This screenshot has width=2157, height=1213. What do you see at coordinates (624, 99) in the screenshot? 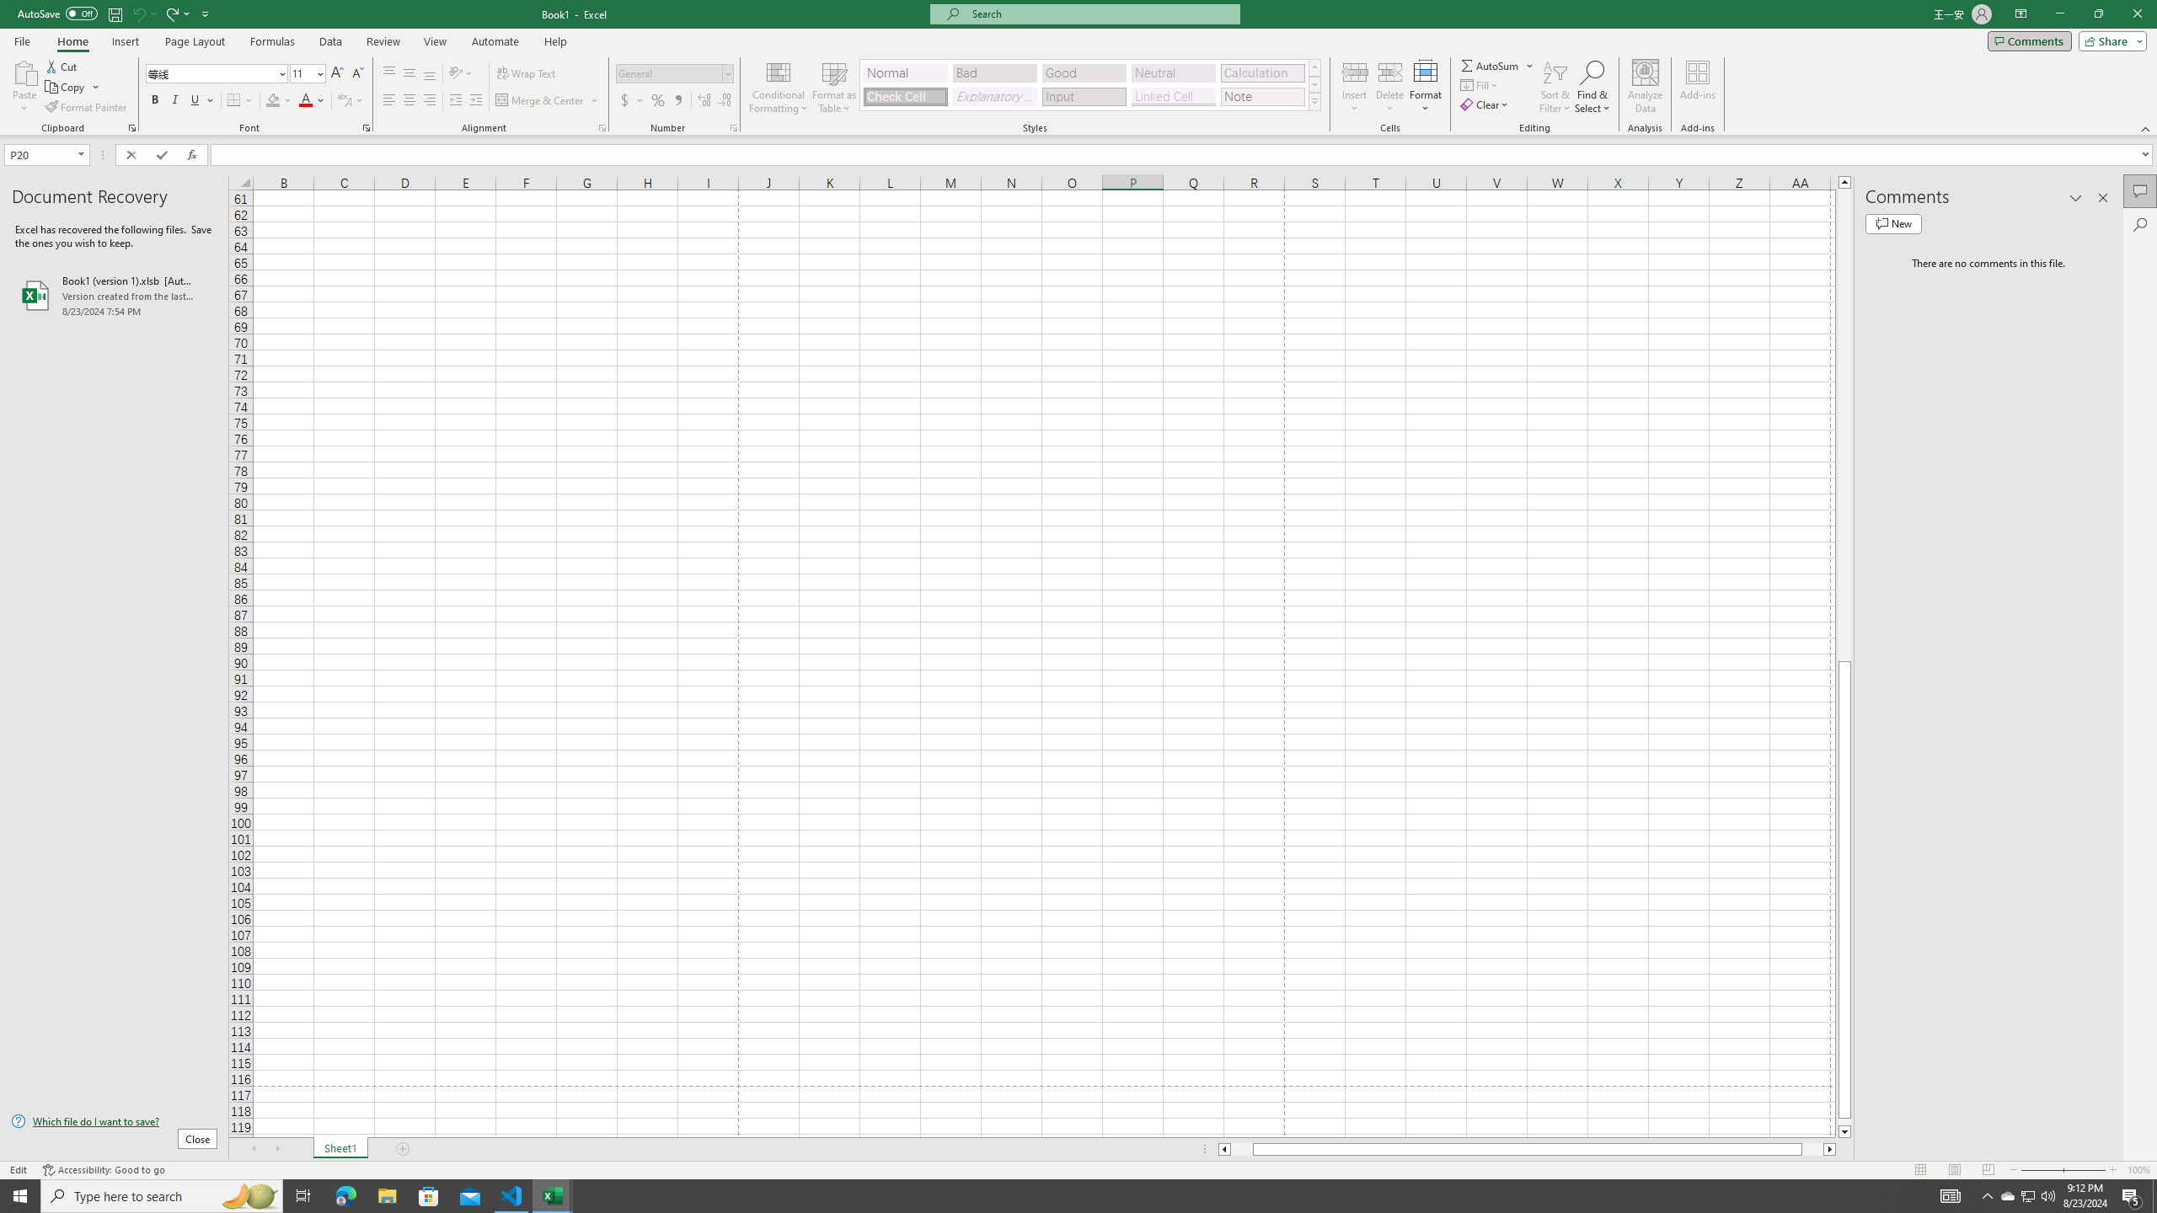
I see `'Accounting Number Format'` at bounding box center [624, 99].